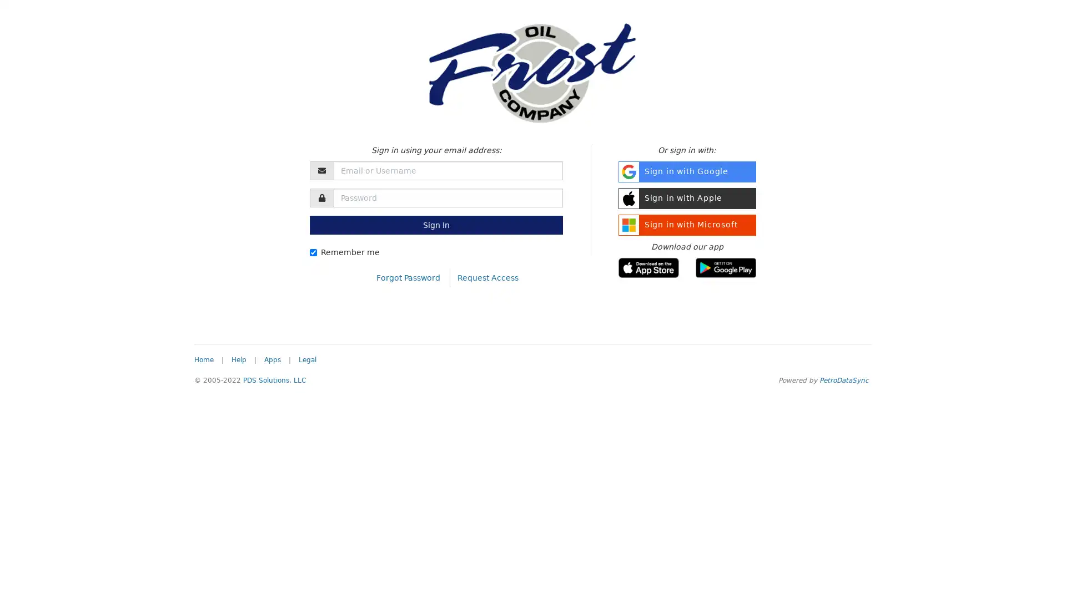  I want to click on Forgot Password, so click(407, 277).